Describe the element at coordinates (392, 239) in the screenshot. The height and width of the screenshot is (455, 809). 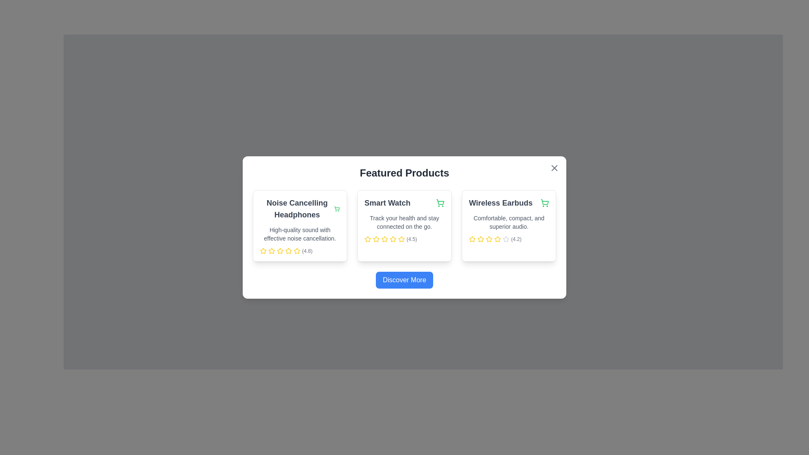
I see `the fifth yellow star icon in the rating system of the 'Smart Watch' product card` at that location.